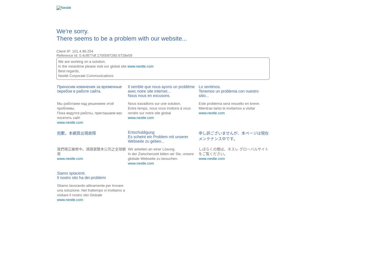 The width and height of the screenshot is (380, 278). I want to click on 'We are working on a solution.', so click(82, 61).